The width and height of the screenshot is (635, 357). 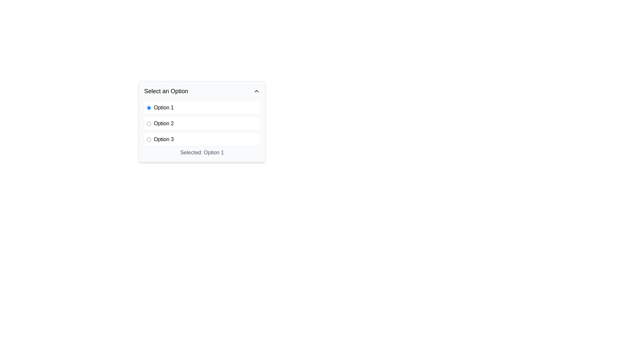 I want to click on the radio button that is styled in a circular shape and positioned to the left of the label text 'Option 3', so click(x=148, y=139).